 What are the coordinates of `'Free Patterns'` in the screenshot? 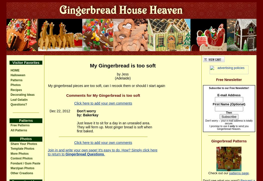 It's located at (20, 125).